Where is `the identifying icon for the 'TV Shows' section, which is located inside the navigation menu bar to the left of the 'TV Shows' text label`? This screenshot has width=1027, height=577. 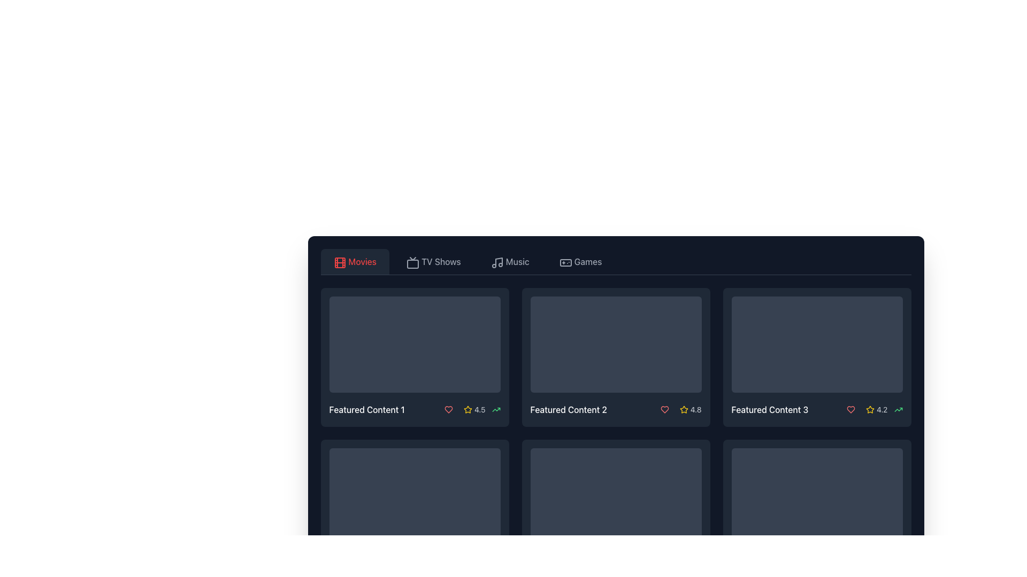
the identifying icon for the 'TV Shows' section, which is located inside the navigation menu bar to the left of the 'TV Shows' text label is located at coordinates (411, 261).